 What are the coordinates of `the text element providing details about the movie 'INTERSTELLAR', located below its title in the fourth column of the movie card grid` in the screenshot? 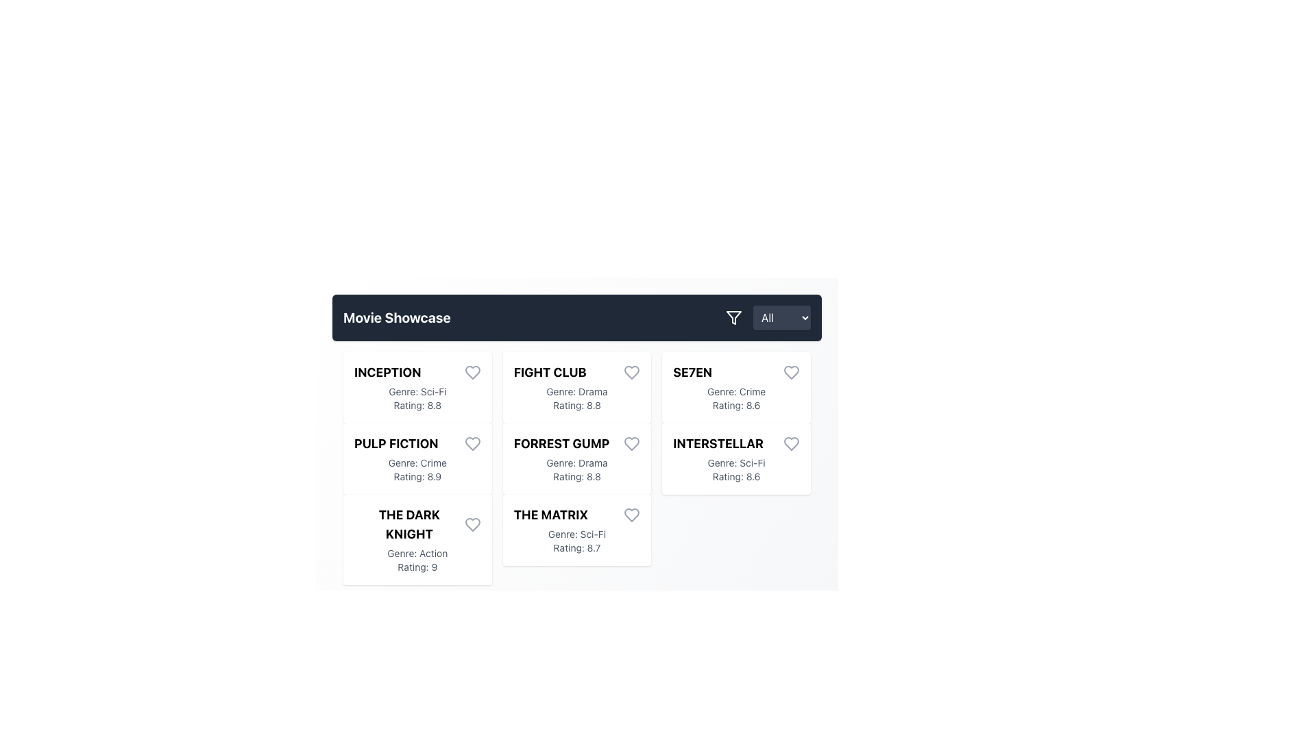 It's located at (735, 469).